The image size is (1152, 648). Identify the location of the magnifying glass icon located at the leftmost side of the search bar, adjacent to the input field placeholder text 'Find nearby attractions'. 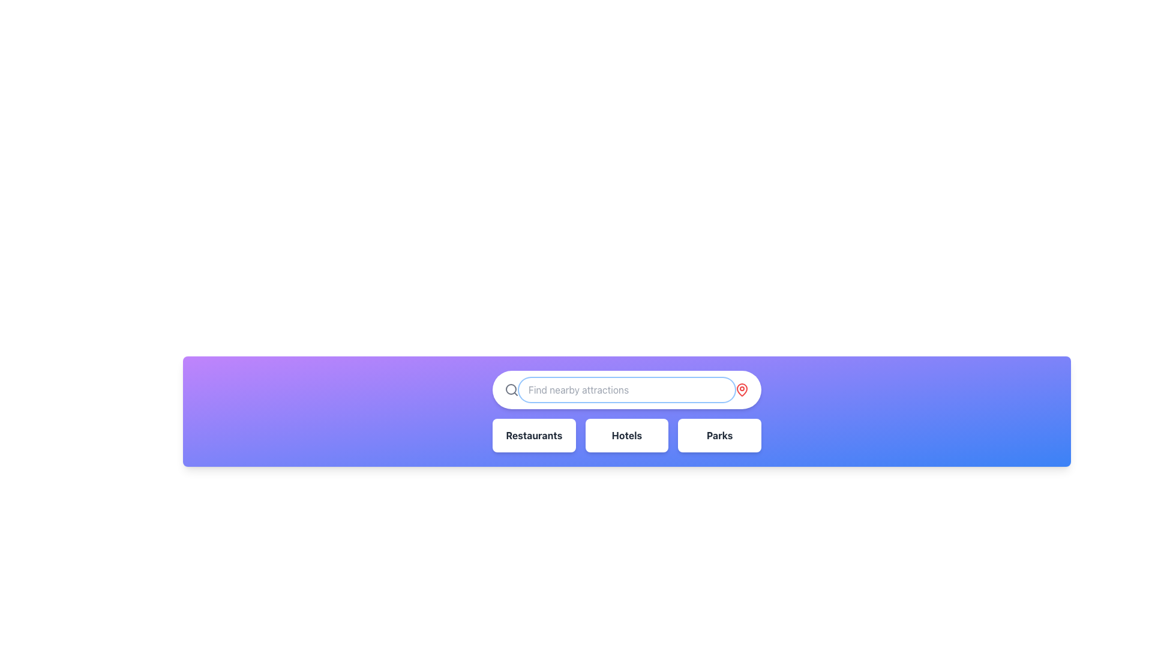
(512, 390).